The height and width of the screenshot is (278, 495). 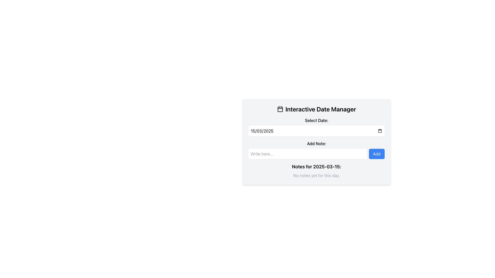 I want to click on the date input field displaying '15/03/2025' to type a new date, so click(x=316, y=131).